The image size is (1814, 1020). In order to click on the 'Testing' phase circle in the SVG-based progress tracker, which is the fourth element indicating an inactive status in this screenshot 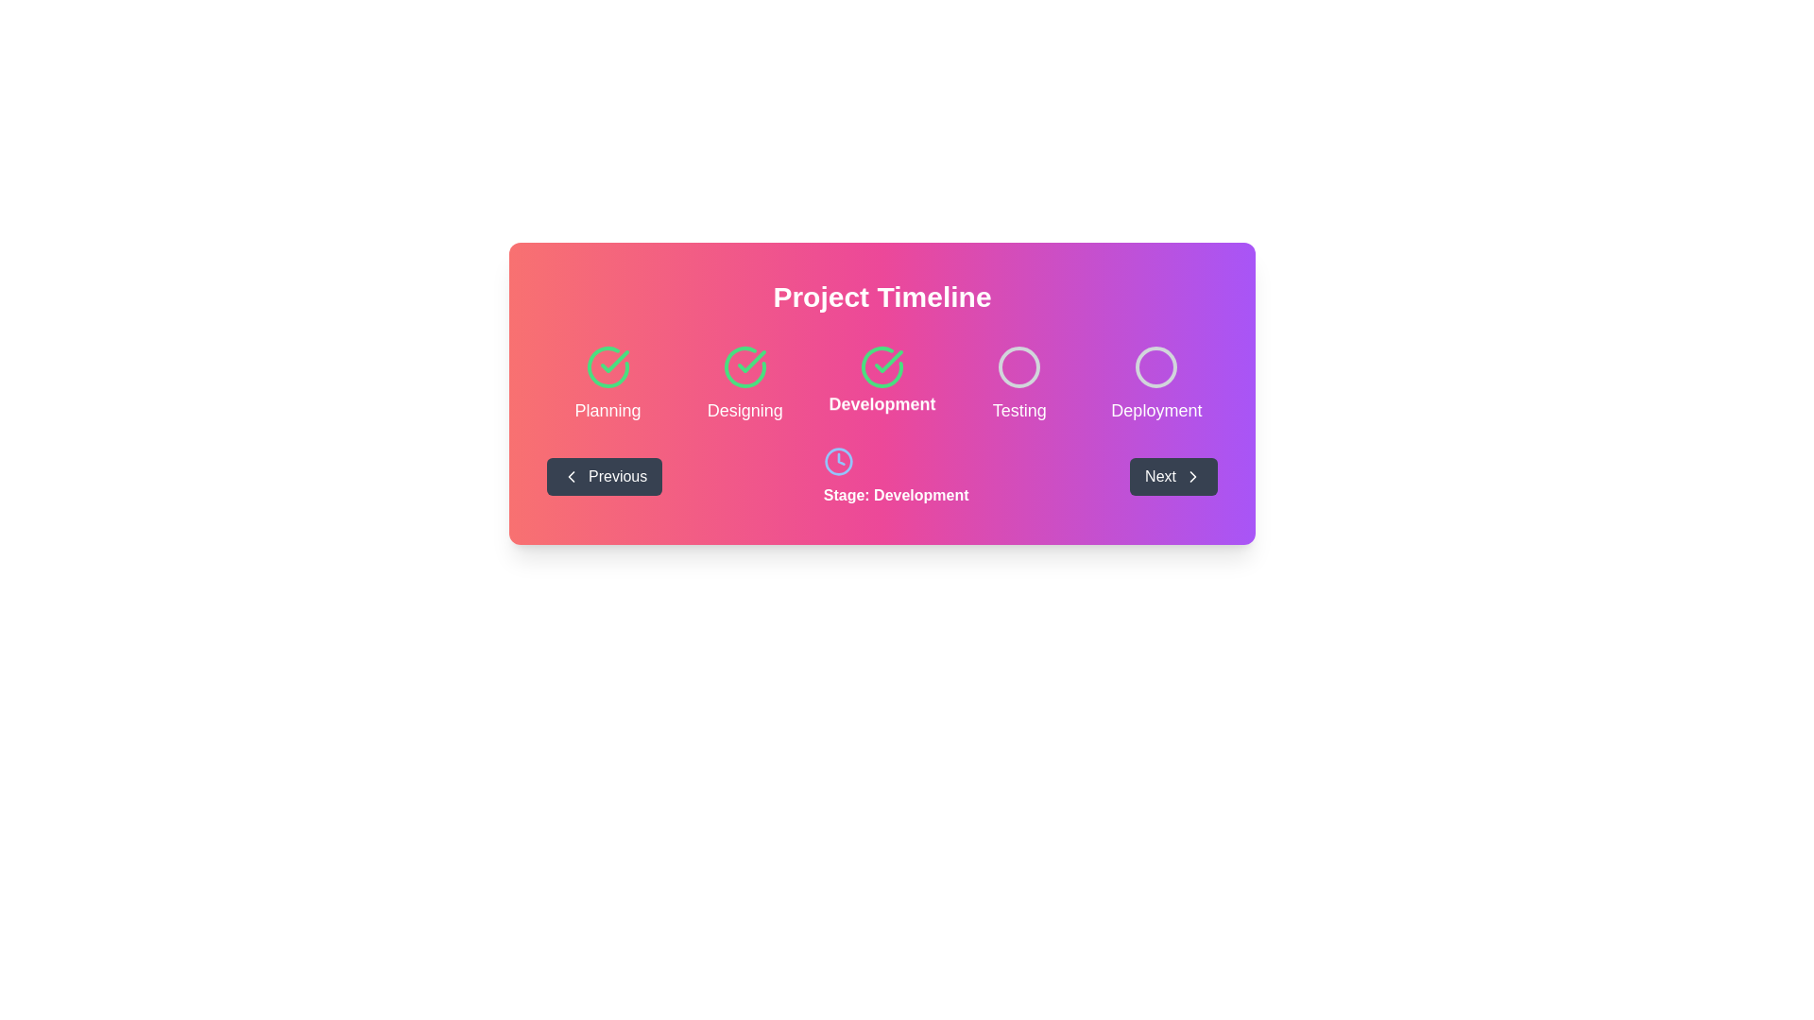, I will do `click(1018, 367)`.